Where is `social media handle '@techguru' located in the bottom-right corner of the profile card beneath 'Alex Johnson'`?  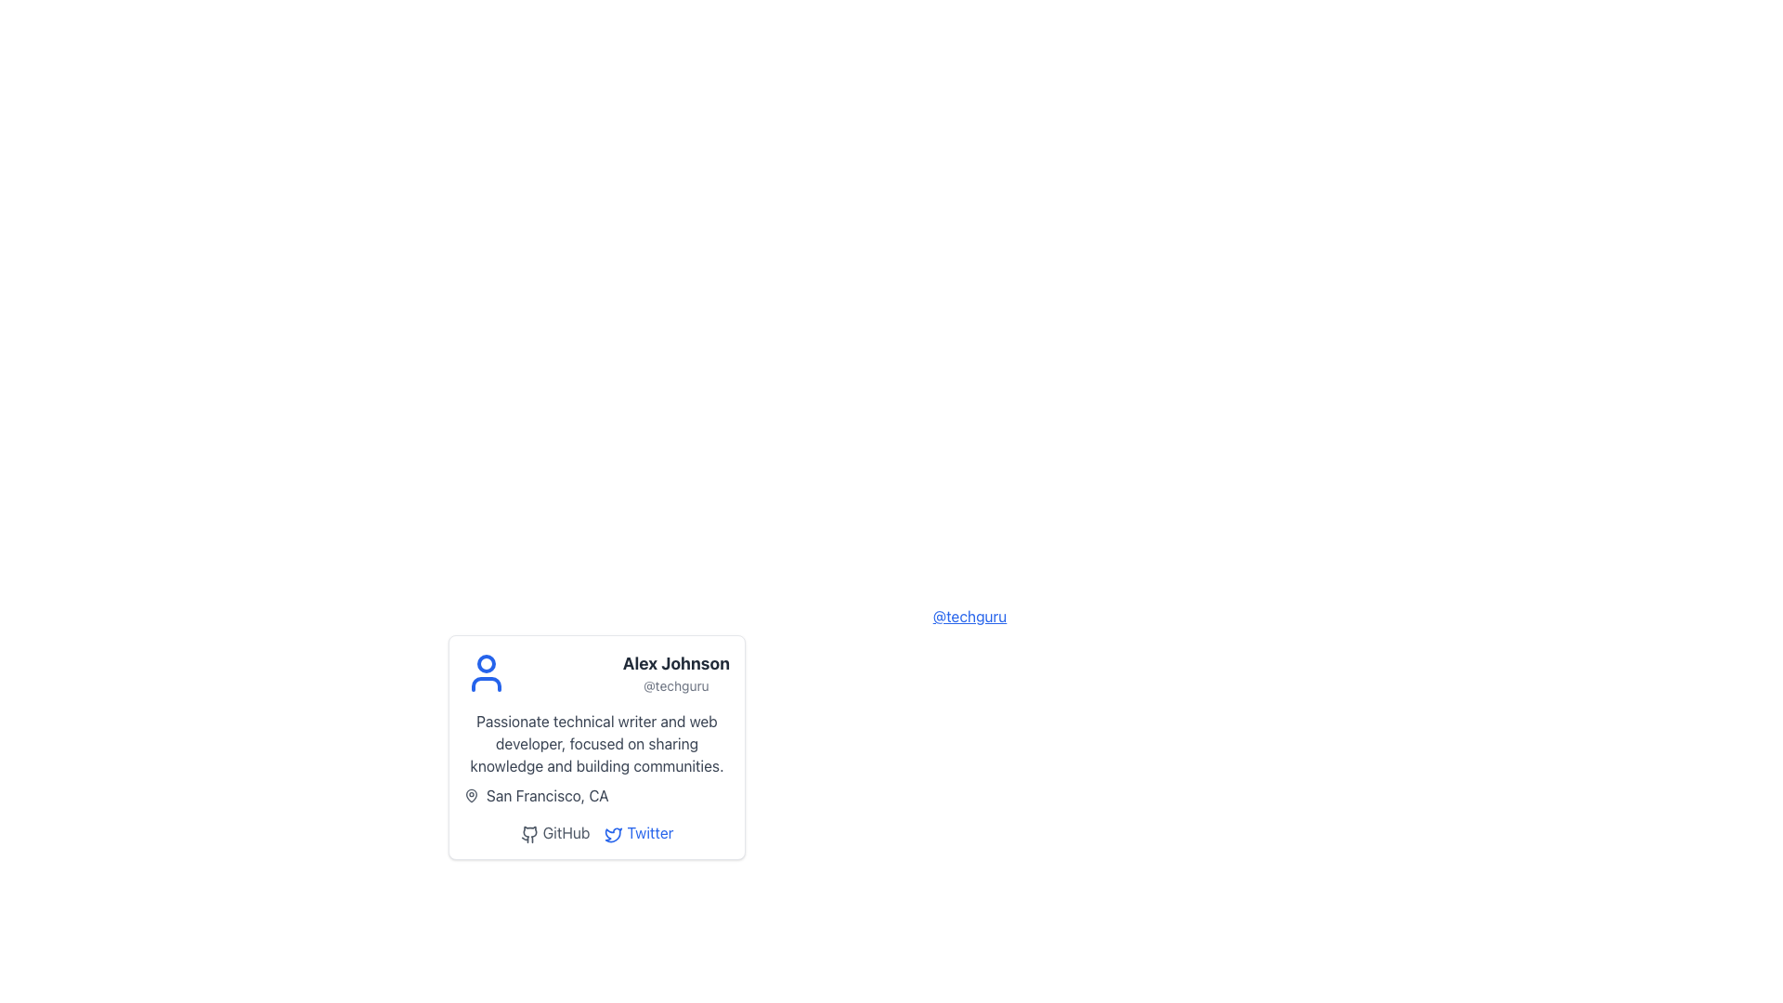
social media handle '@techguru' located in the bottom-right corner of the profile card beneath 'Alex Johnson' is located at coordinates (675, 686).